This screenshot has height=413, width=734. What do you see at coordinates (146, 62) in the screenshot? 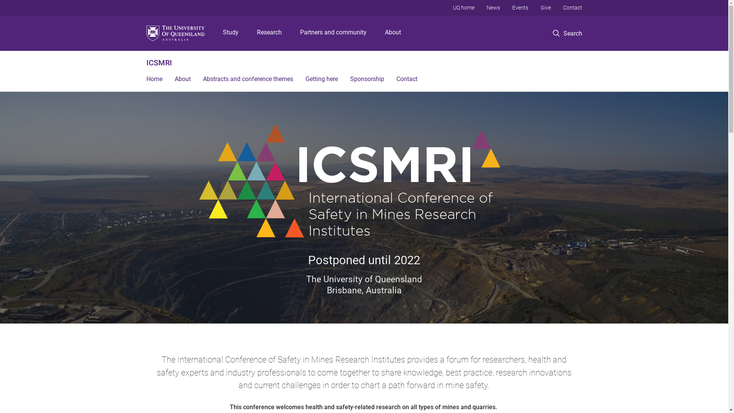
I see `'ICSMRI'` at bounding box center [146, 62].